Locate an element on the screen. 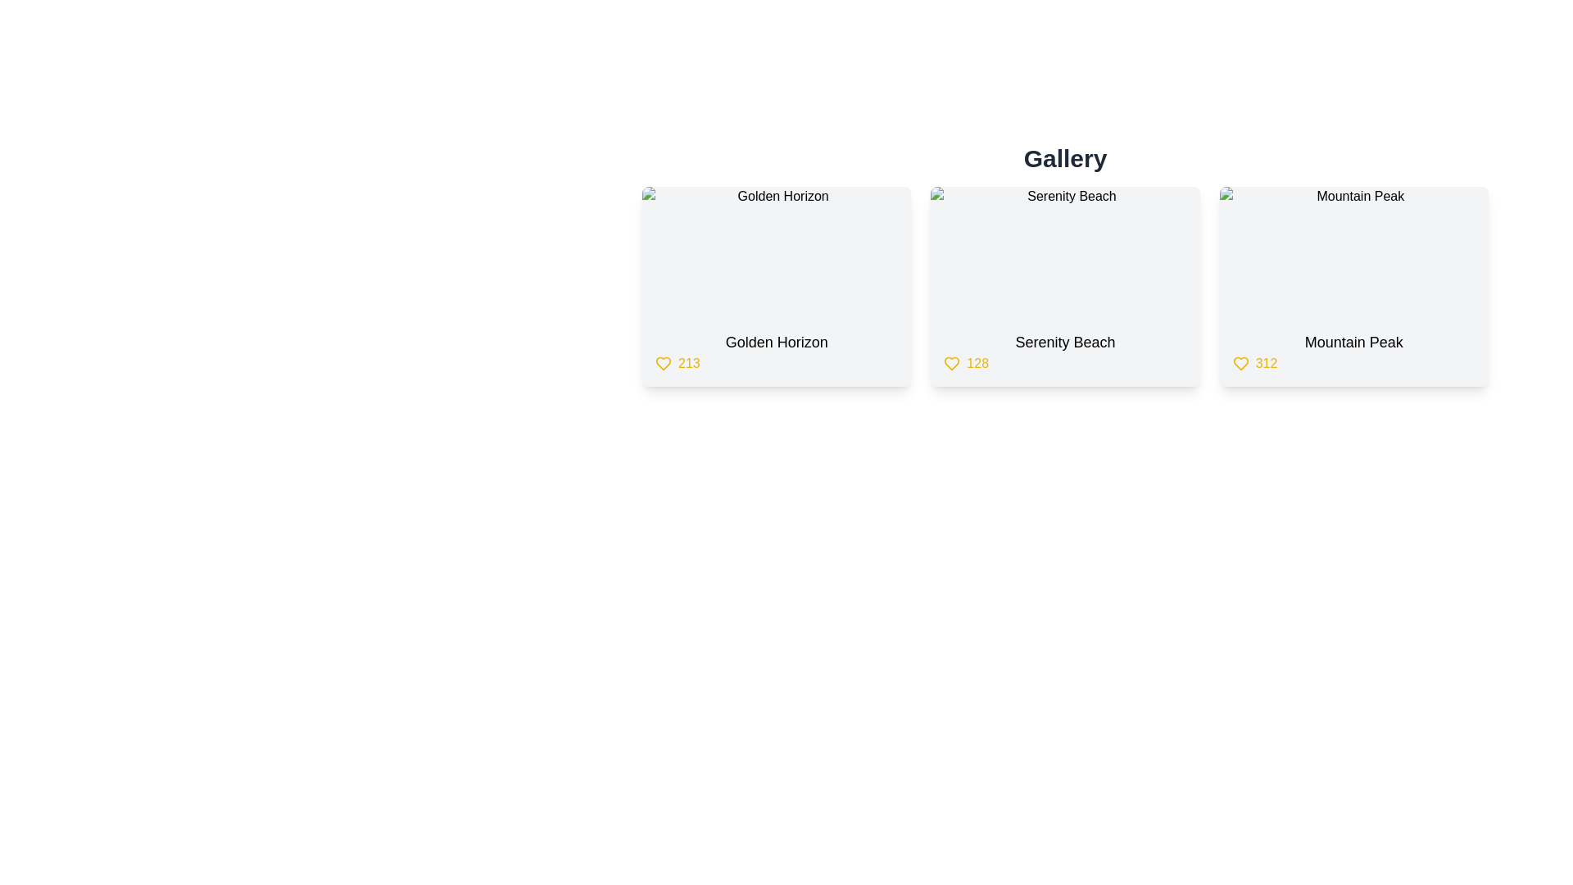 The image size is (1573, 885). the heart icon SVG graphic located in the bottom-left corner of the 'Mountain Peak' card, which is used for favoriting the item is located at coordinates (1240, 362).